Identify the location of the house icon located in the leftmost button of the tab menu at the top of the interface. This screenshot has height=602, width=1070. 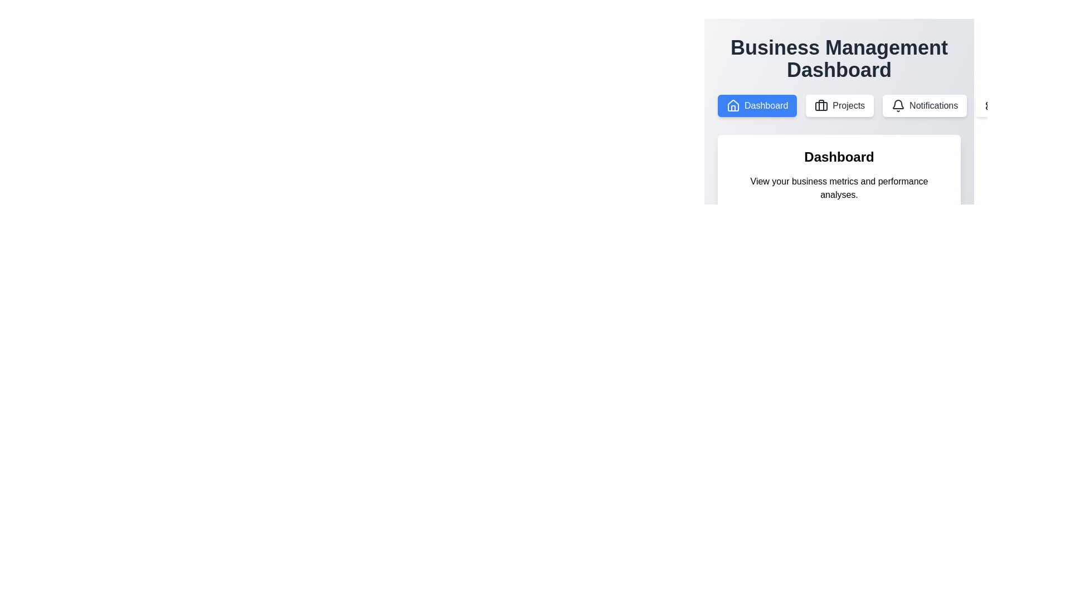
(733, 105).